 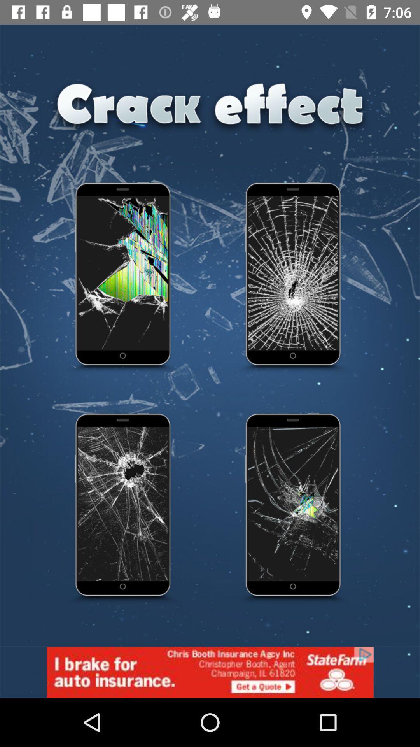 I want to click on a cell, so click(x=294, y=278).